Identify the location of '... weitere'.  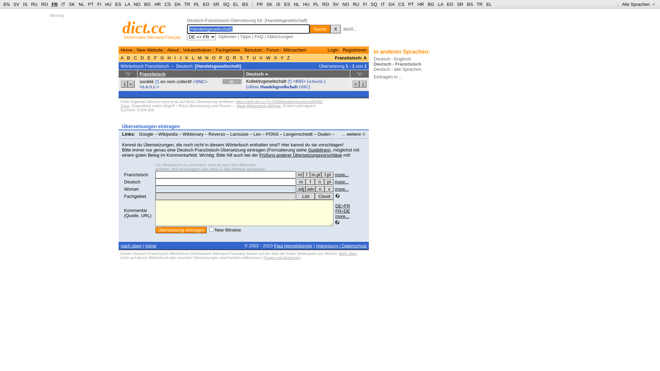
(353, 134).